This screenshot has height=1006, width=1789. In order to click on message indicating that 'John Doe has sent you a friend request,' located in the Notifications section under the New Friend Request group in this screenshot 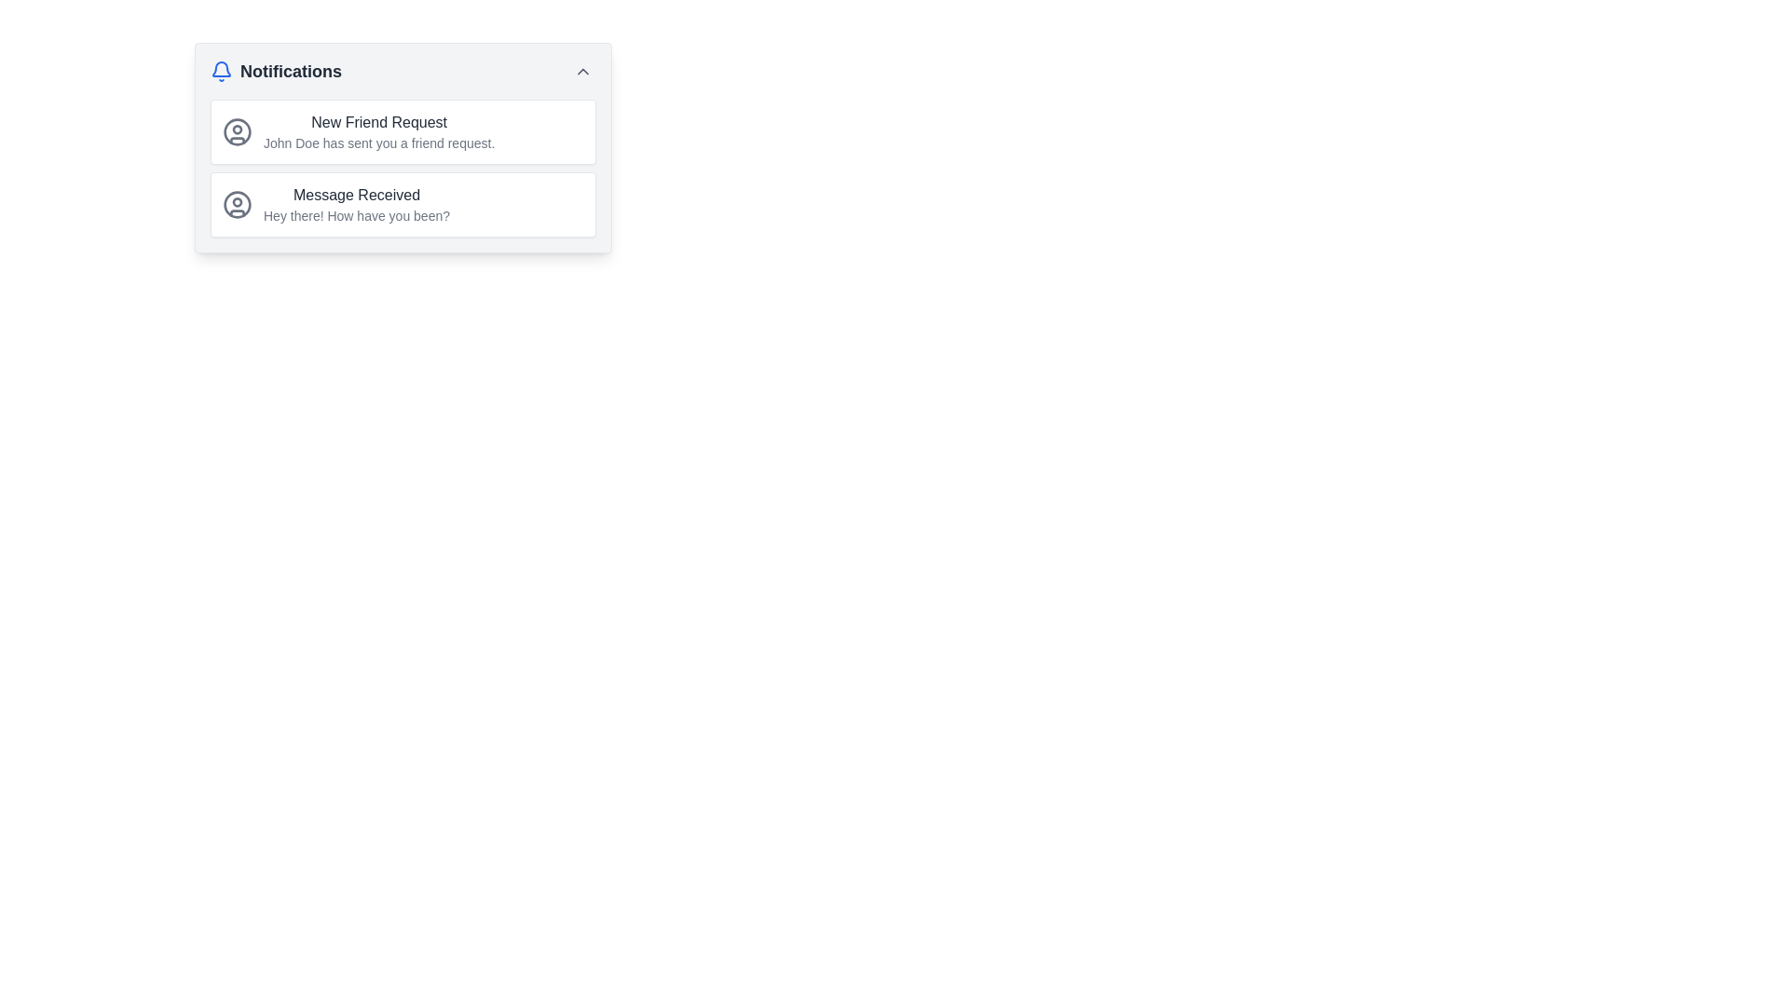, I will do `click(378, 143)`.